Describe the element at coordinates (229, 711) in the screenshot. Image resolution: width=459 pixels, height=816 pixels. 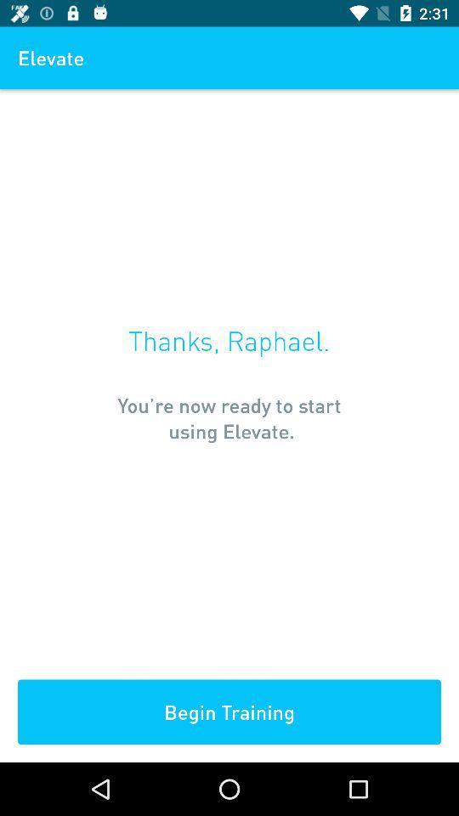
I see `the icon below the you re now item` at that location.